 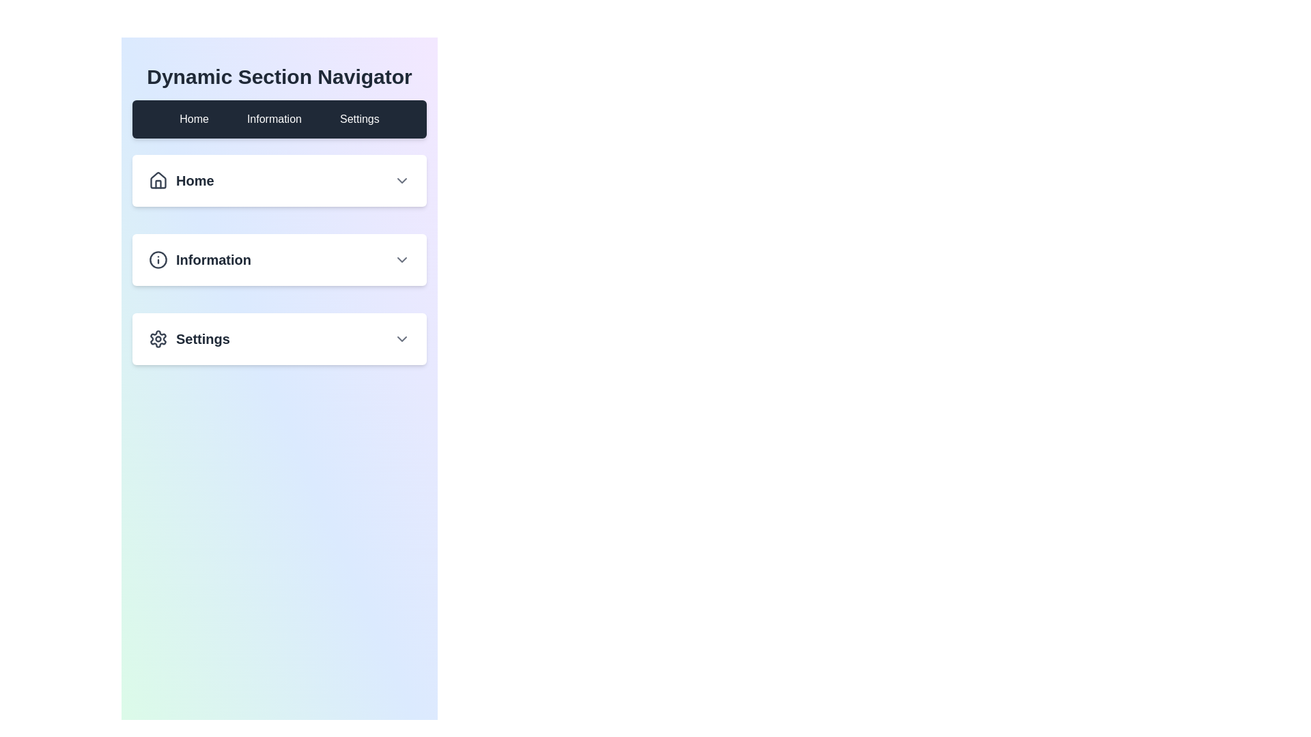 I want to click on the 'Settings' navigation tab, which is the third tab in the set of three navigation links labeled 'Home', 'Information', and 'Settings', so click(x=359, y=118).